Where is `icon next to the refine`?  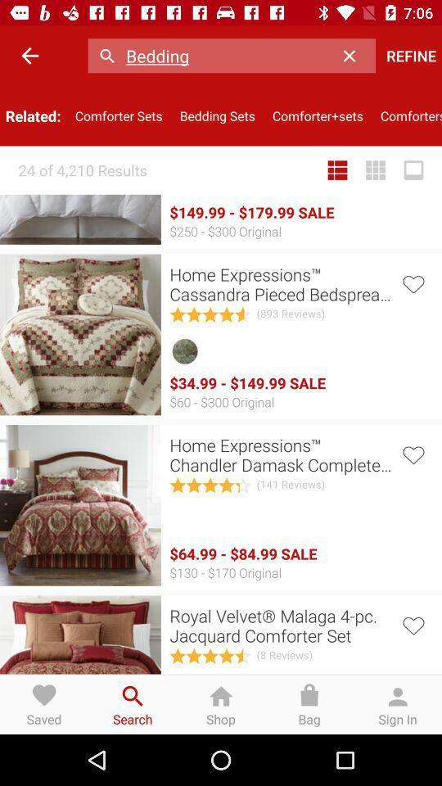
icon next to the refine is located at coordinates (353, 56).